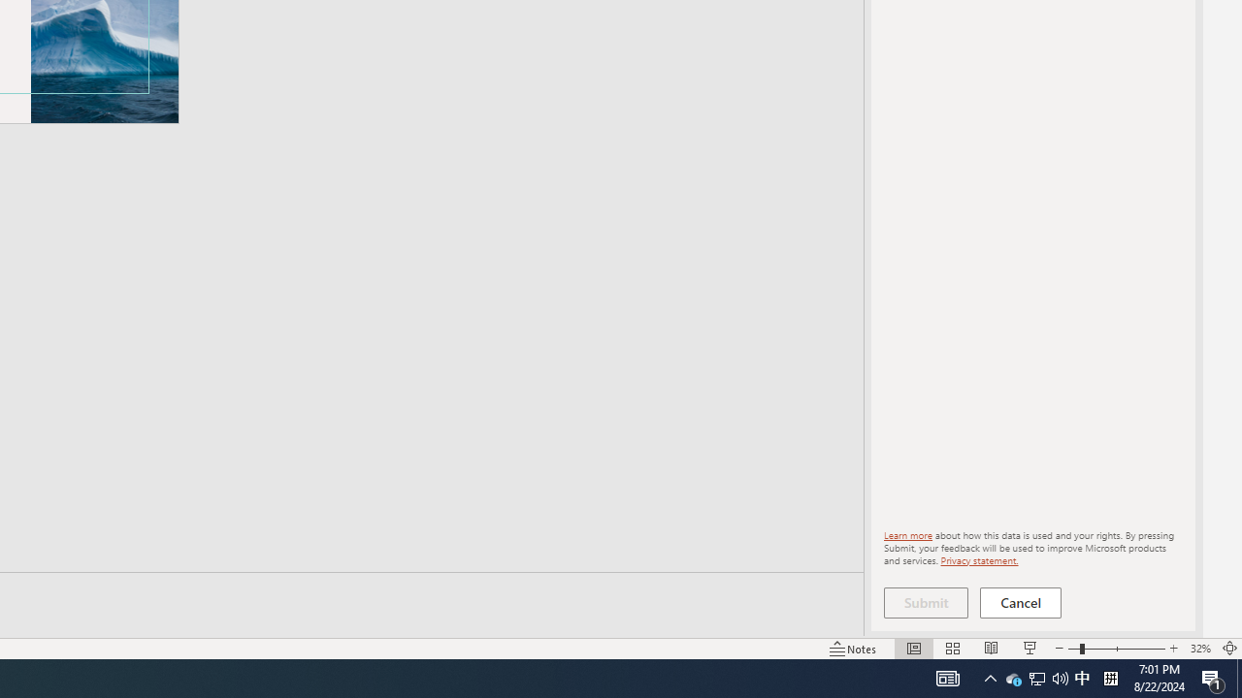 The height and width of the screenshot is (698, 1242). I want to click on 'Zoom to Fit ', so click(1228, 649).